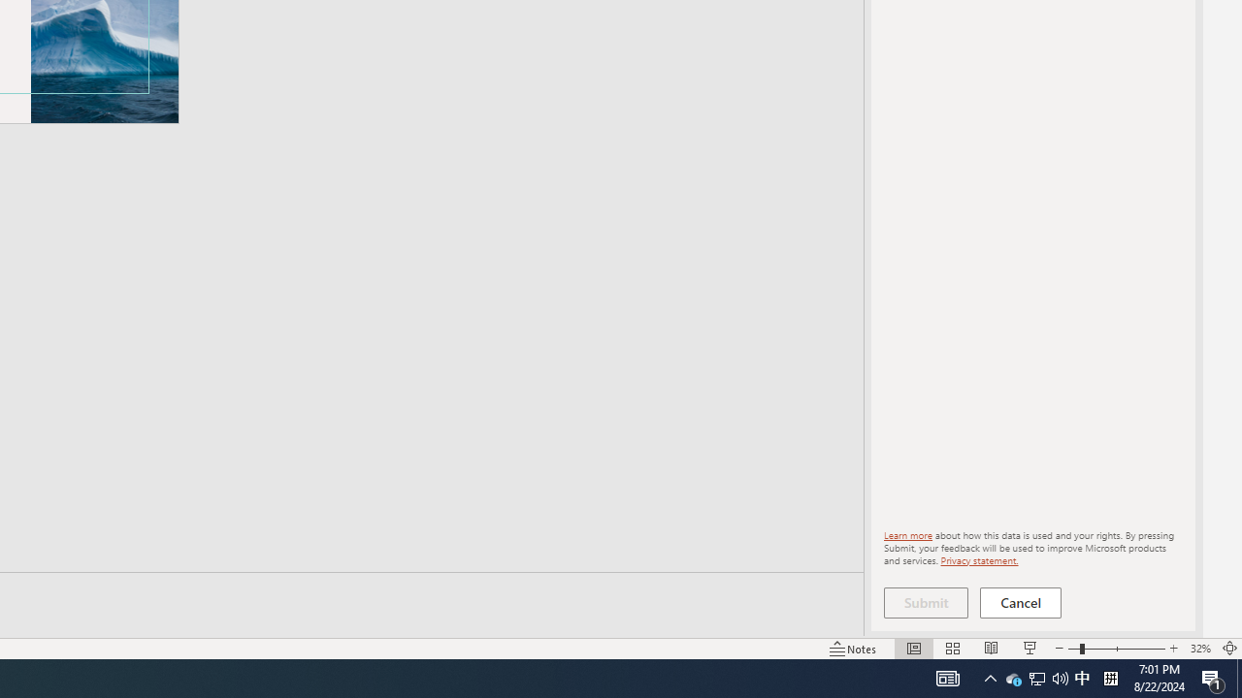 The height and width of the screenshot is (698, 1242). I want to click on 'Zoom to Fit ', so click(1228, 649).